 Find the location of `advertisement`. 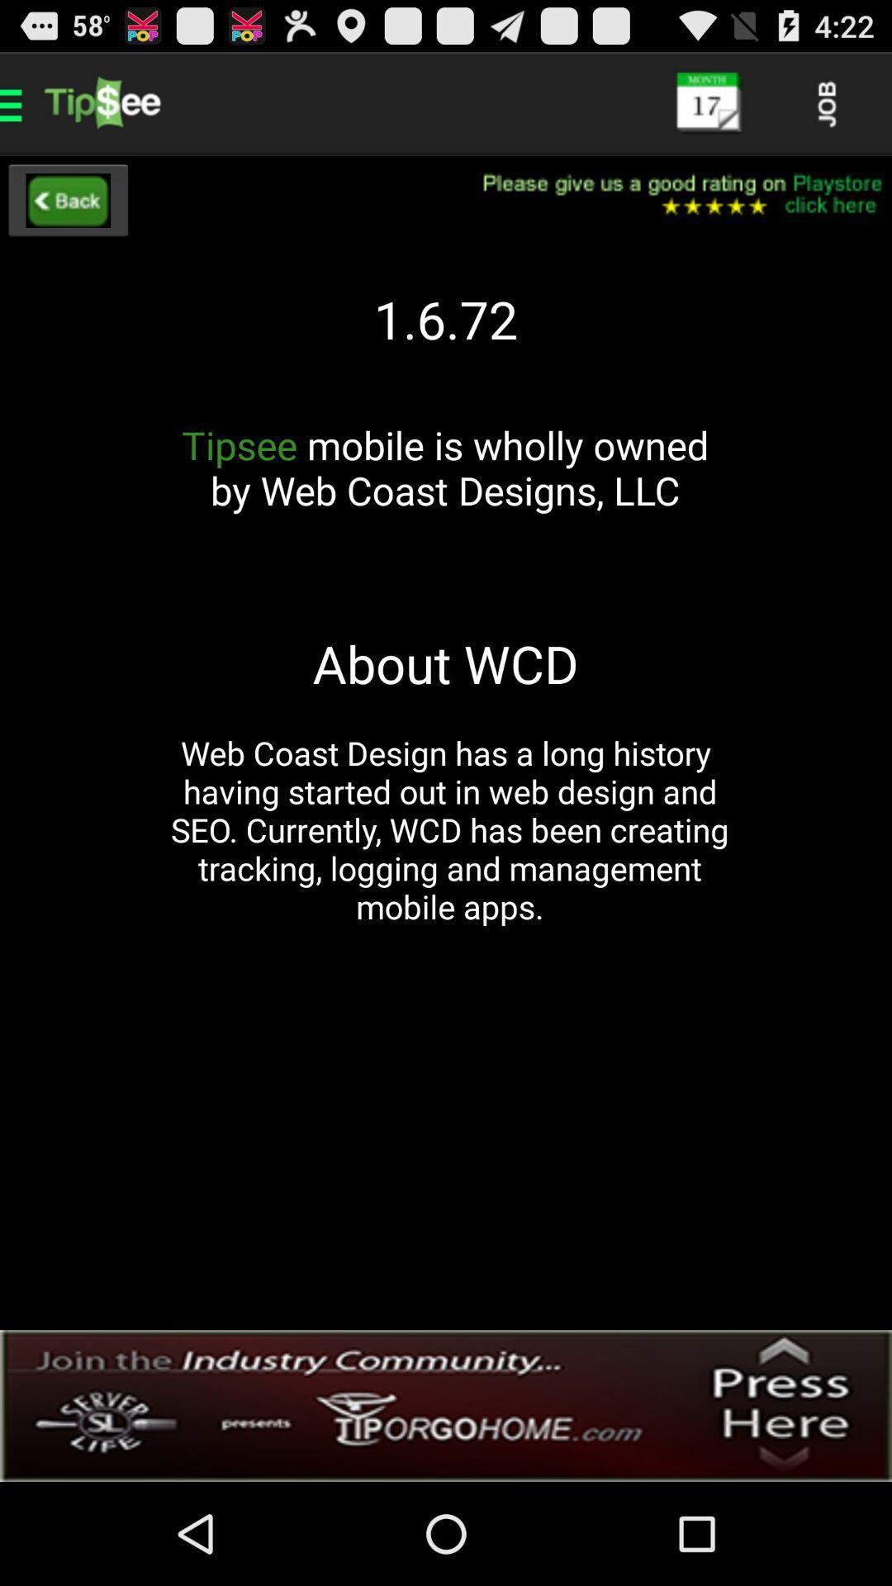

advertisement is located at coordinates (446, 1405).